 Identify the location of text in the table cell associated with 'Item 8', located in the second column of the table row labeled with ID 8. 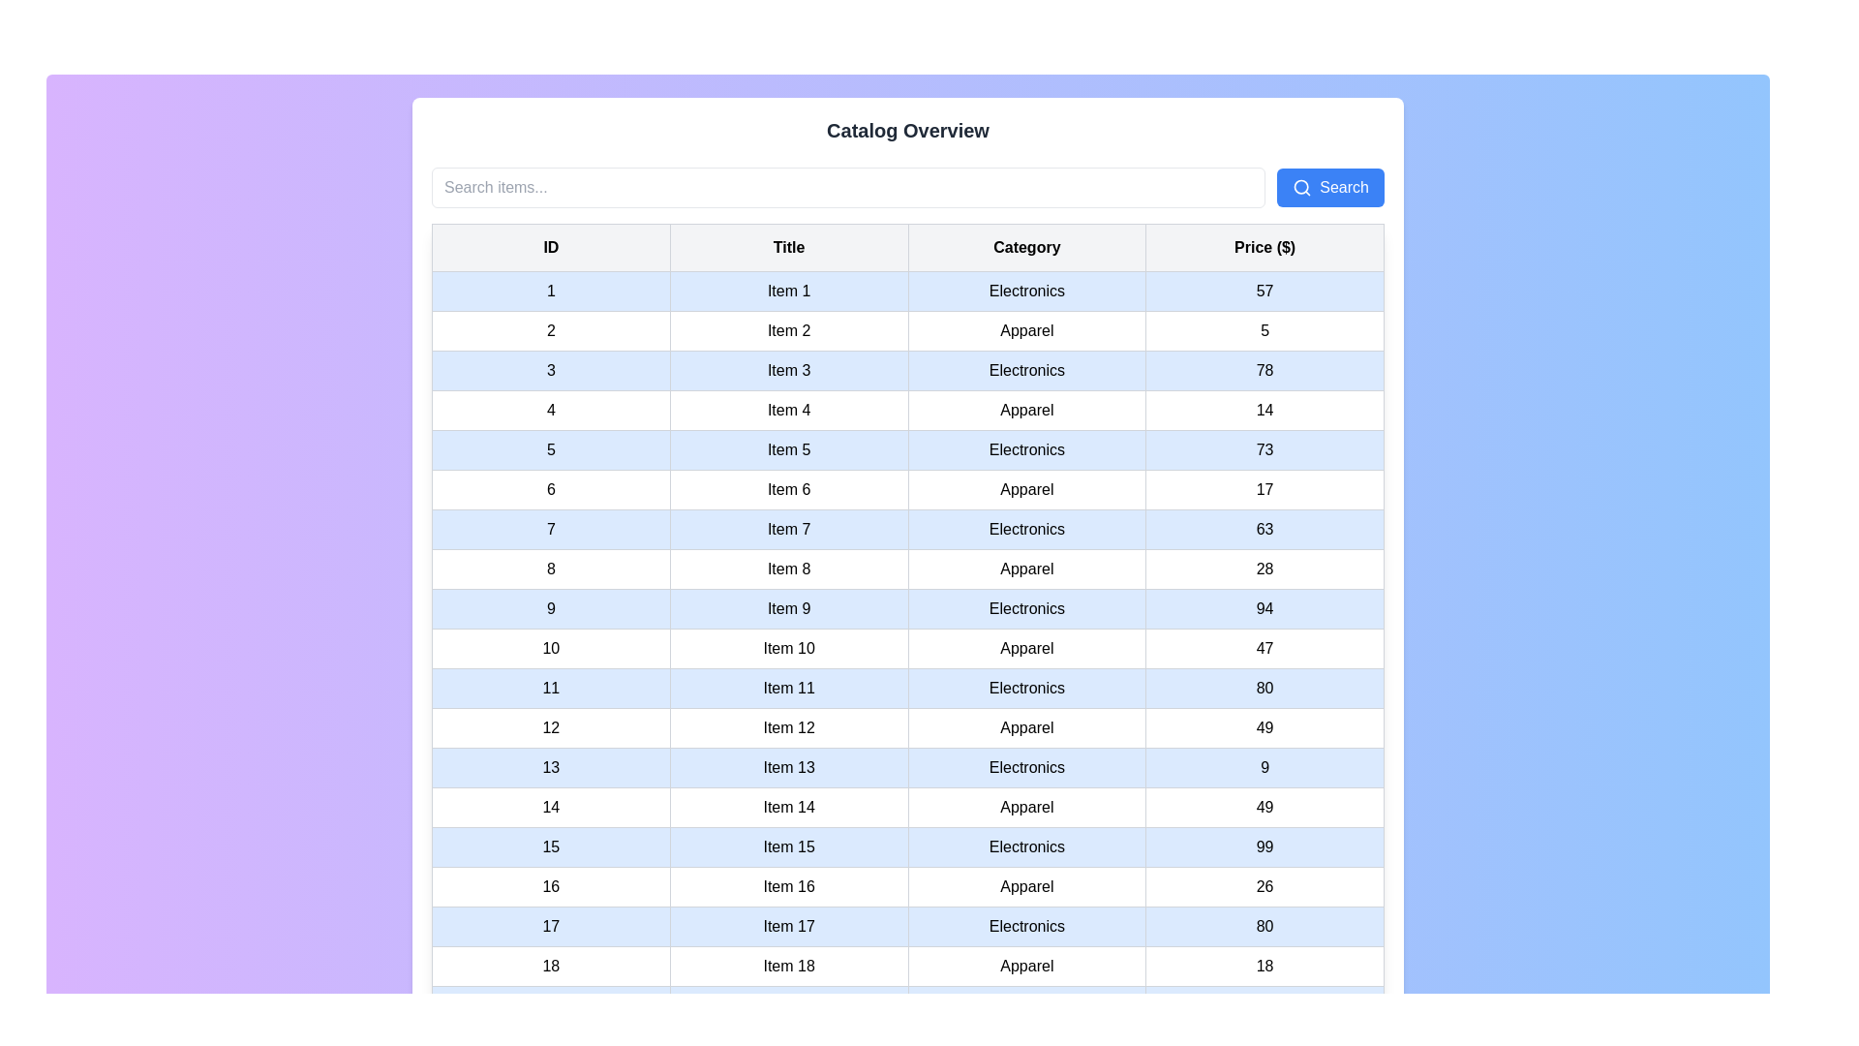
(789, 568).